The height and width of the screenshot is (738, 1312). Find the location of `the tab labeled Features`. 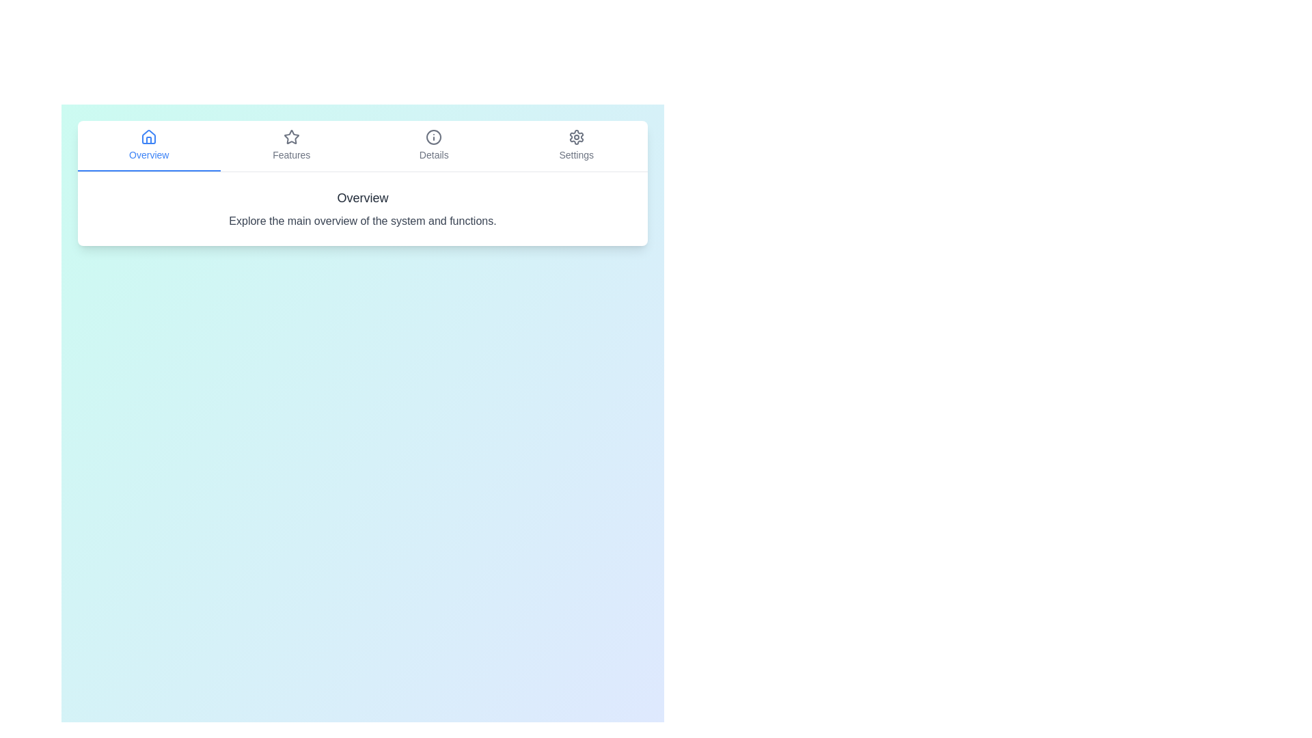

the tab labeled Features is located at coordinates (290, 146).